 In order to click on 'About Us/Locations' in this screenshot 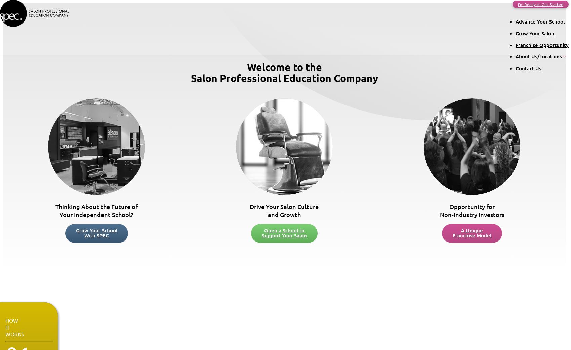, I will do `click(516, 56)`.